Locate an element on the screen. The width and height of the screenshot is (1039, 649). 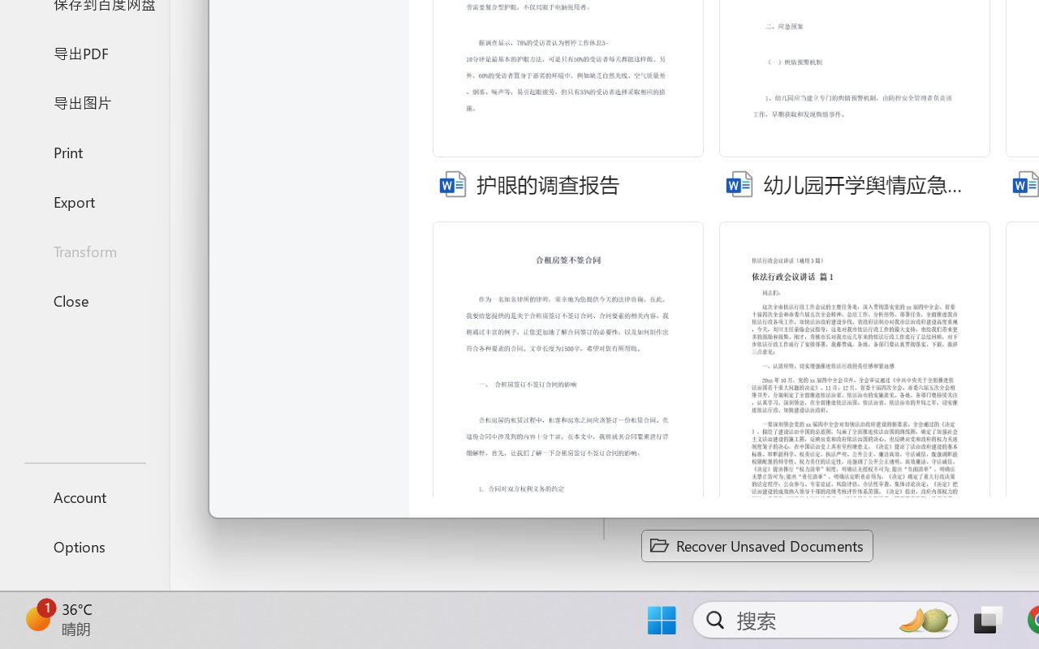
'Options' is located at coordinates (84, 546).